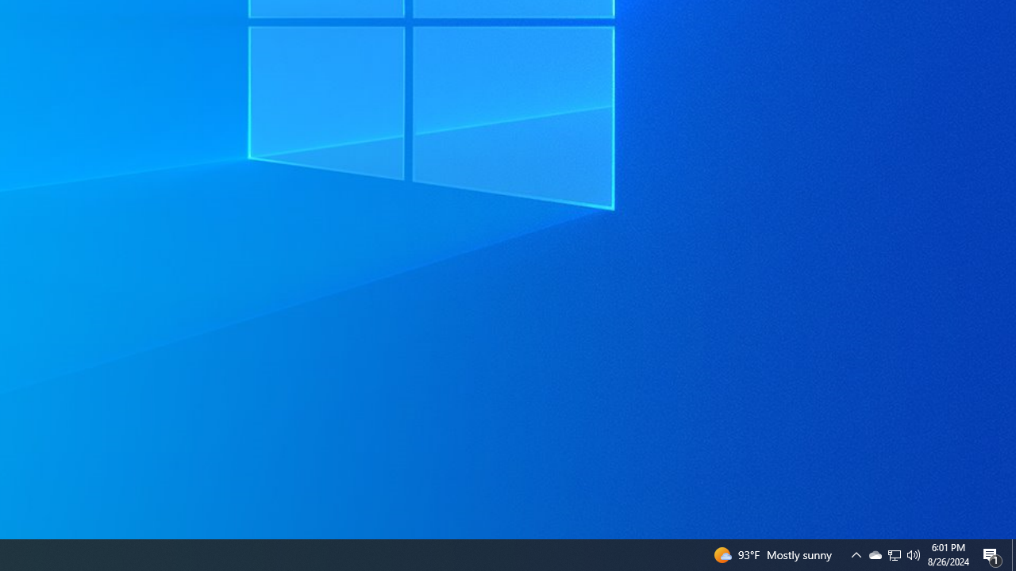  What do you see at coordinates (1013, 554) in the screenshot?
I see `'Show desktop'` at bounding box center [1013, 554].